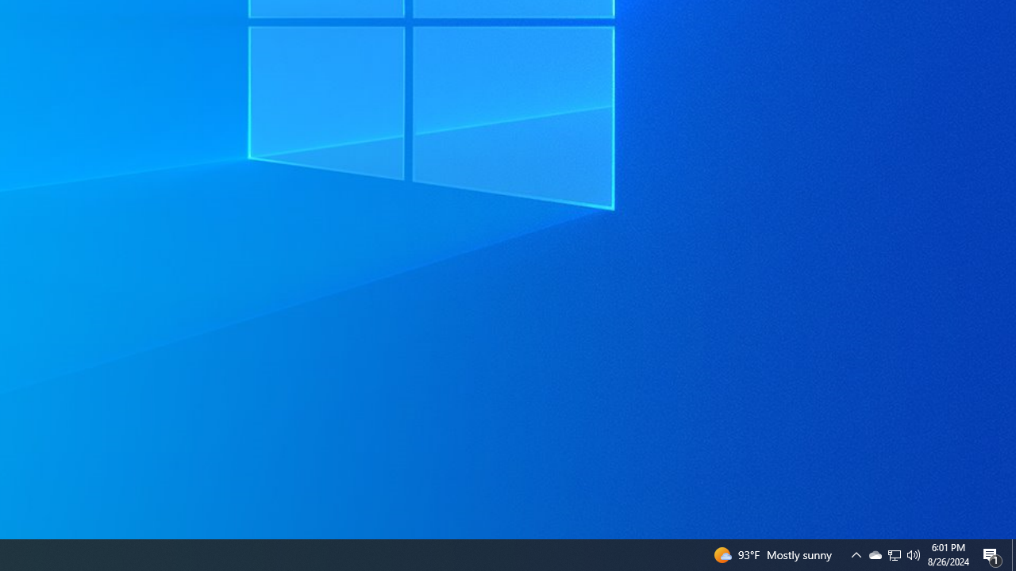  What do you see at coordinates (1013, 554) in the screenshot?
I see `'Show desktop'` at bounding box center [1013, 554].